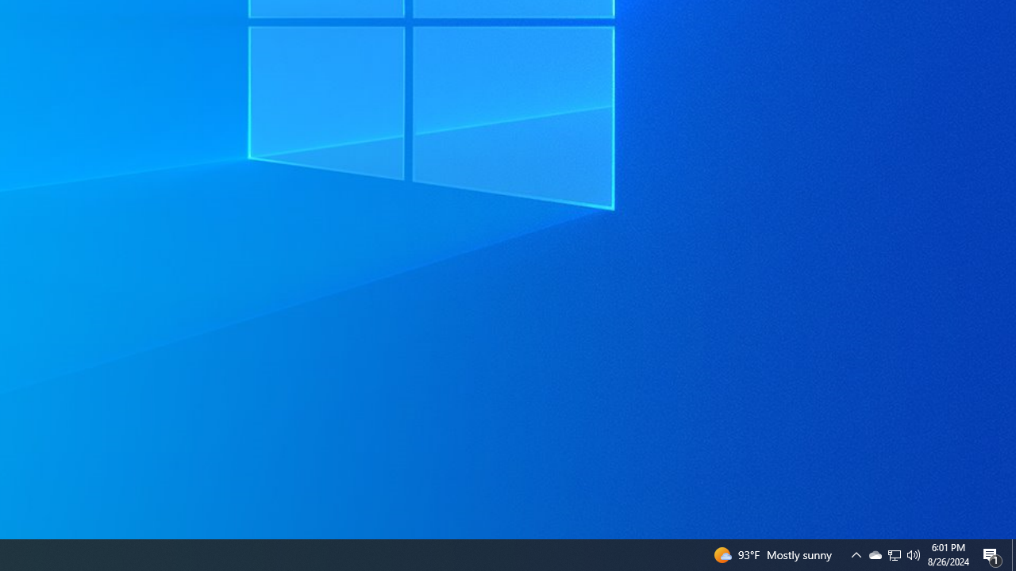  What do you see at coordinates (1013, 554) in the screenshot?
I see `'Show desktop'` at bounding box center [1013, 554].